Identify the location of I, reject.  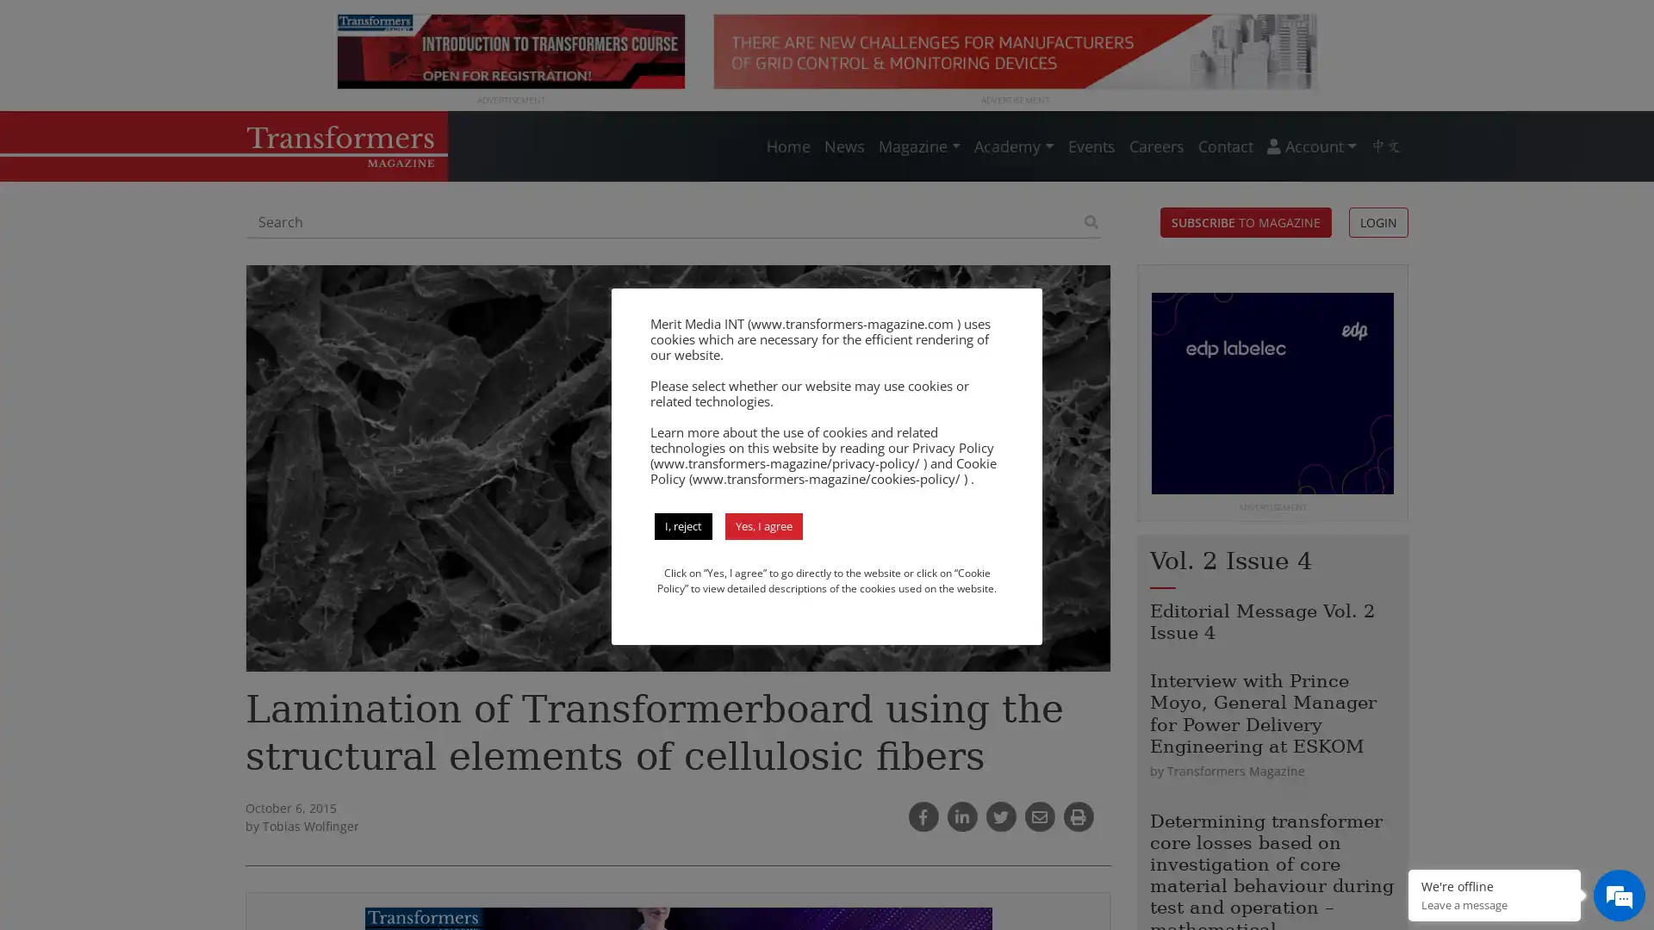
(682, 525).